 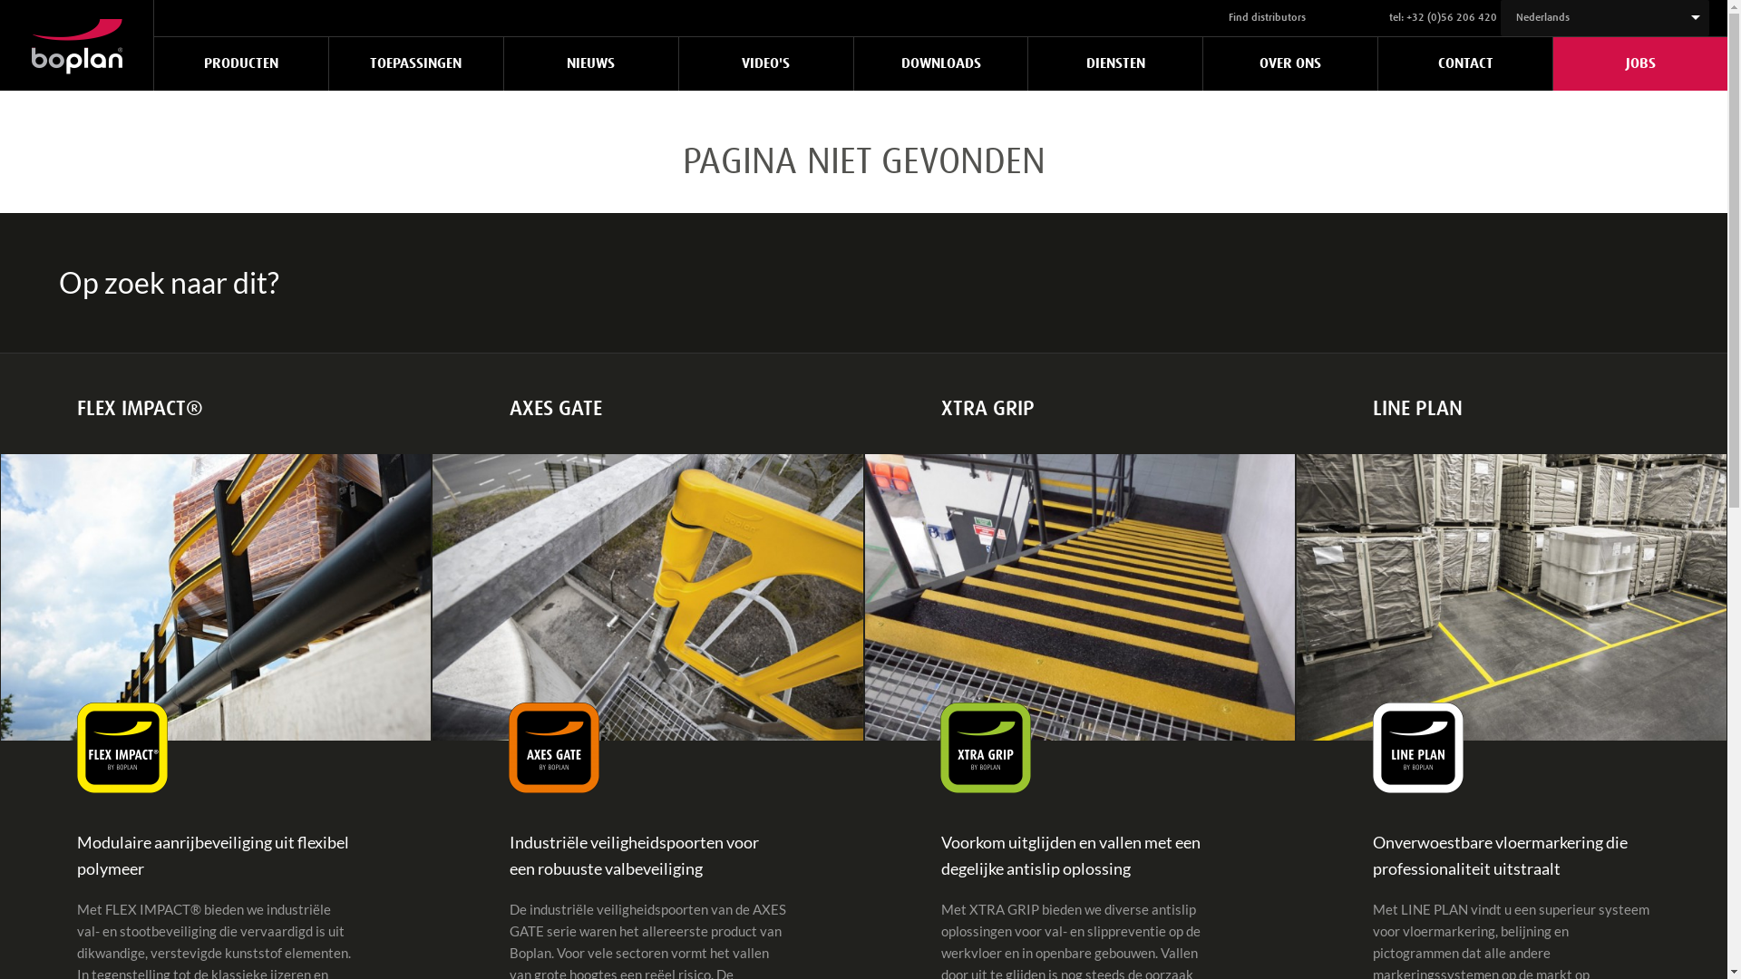 I want to click on 'Xtra Grip logo by Boplan', so click(x=984, y=748).